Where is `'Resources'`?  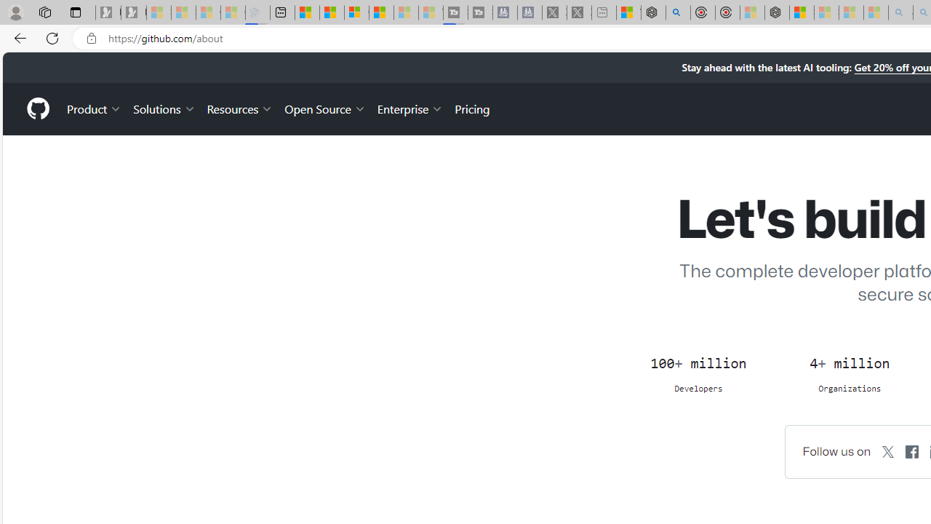 'Resources' is located at coordinates (240, 108).